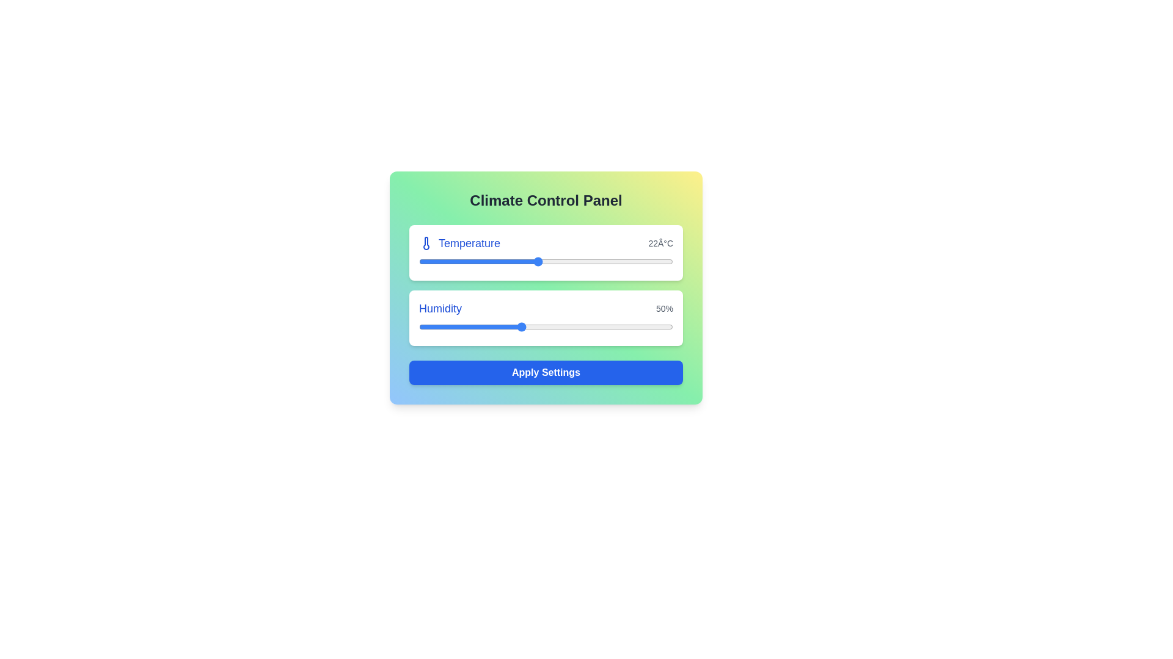  I want to click on descriptive title text located at the top of the climate settings panel, above the Temperature and Humidity controls, so click(545, 200).